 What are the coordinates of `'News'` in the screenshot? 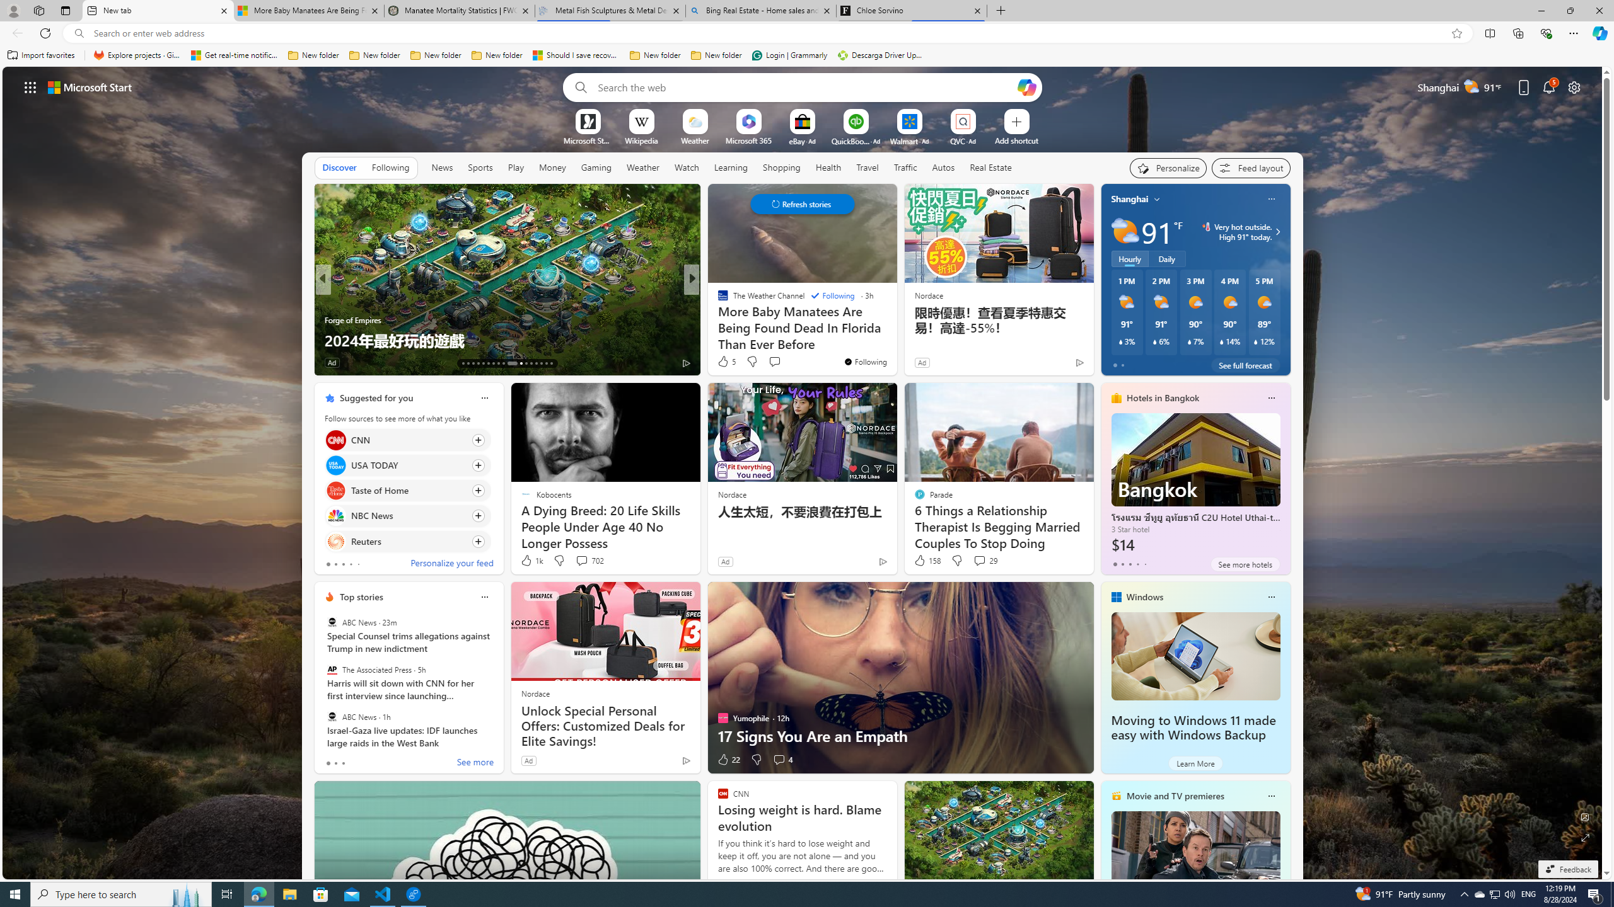 It's located at (442, 166).